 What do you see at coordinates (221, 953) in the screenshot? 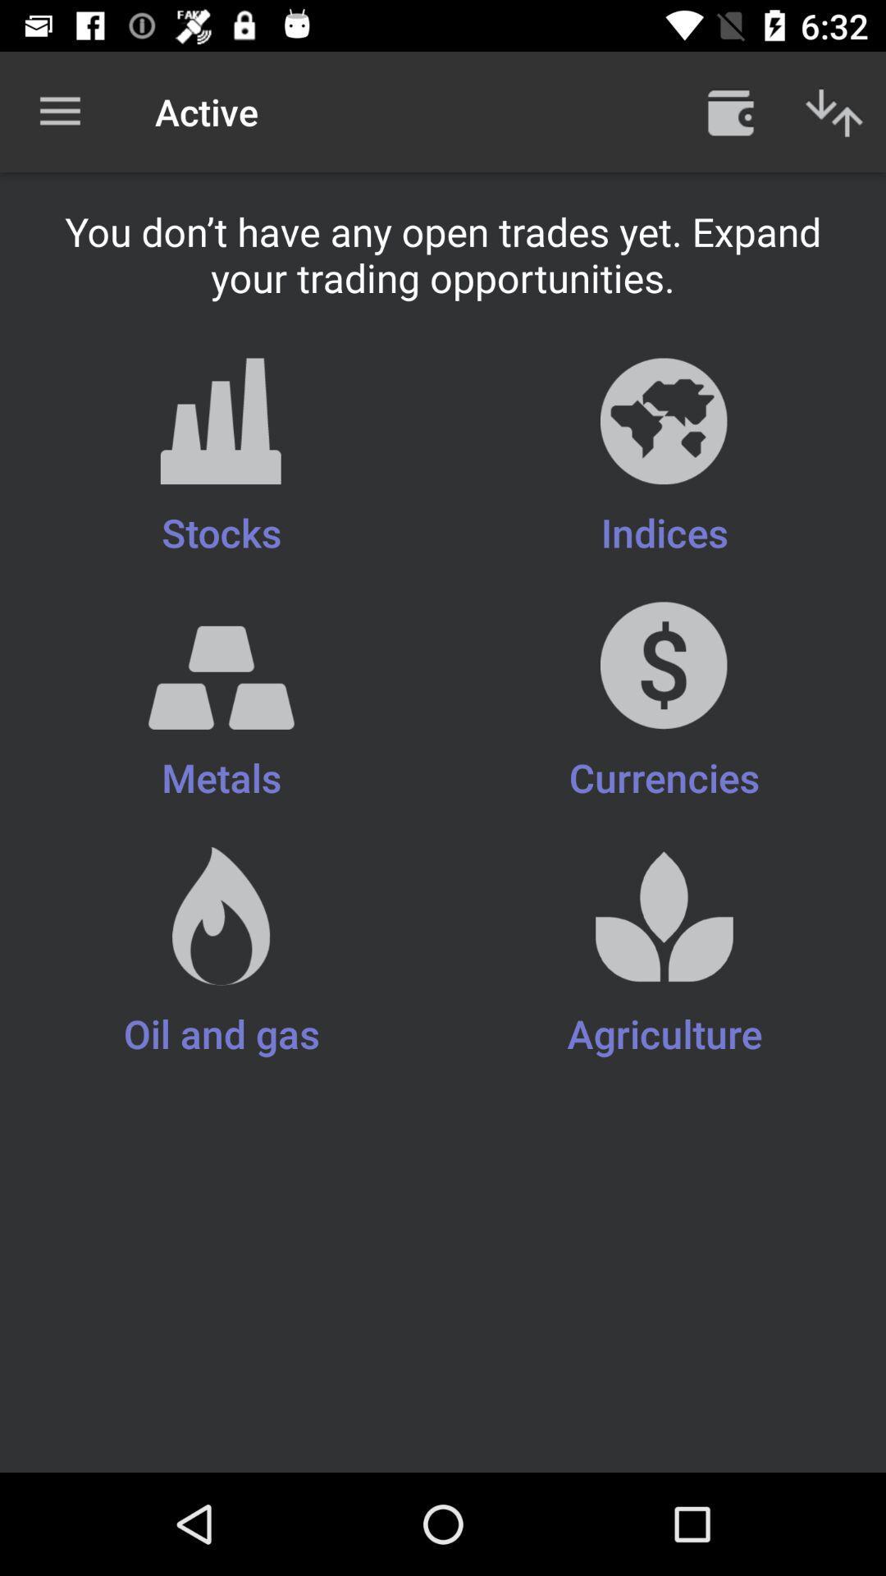
I see `the icon to the left of the currencies` at bounding box center [221, 953].